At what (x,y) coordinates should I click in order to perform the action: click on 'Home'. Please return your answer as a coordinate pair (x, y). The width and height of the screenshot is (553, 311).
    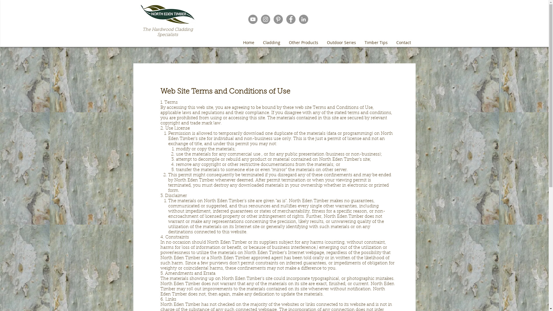
    Looking at the image, I should click on (248, 42).